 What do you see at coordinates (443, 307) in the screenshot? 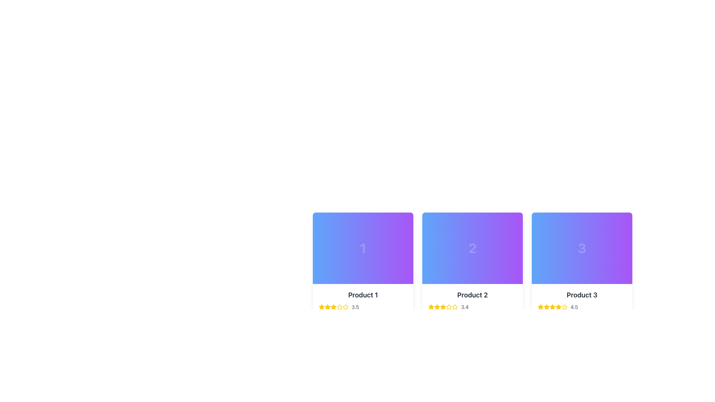
I see `the fourth star icon from the left in the rating section for 'Product 2' to visually assess its filling indicating the assigned partial rating` at bounding box center [443, 307].